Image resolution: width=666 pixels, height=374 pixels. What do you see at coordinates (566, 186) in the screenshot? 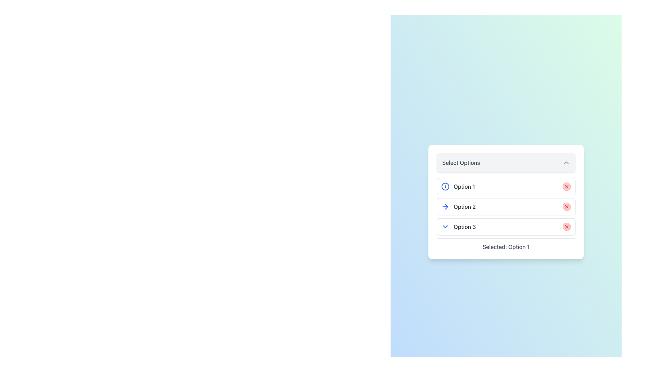
I see `the red 'X' icon button within the 'Select Options' dropdown menu` at bounding box center [566, 186].